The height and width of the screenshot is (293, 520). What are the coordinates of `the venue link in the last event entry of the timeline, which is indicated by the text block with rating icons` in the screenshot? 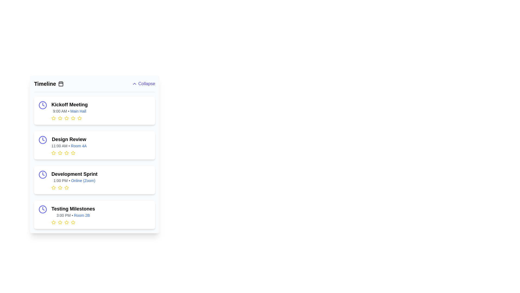 It's located at (73, 214).